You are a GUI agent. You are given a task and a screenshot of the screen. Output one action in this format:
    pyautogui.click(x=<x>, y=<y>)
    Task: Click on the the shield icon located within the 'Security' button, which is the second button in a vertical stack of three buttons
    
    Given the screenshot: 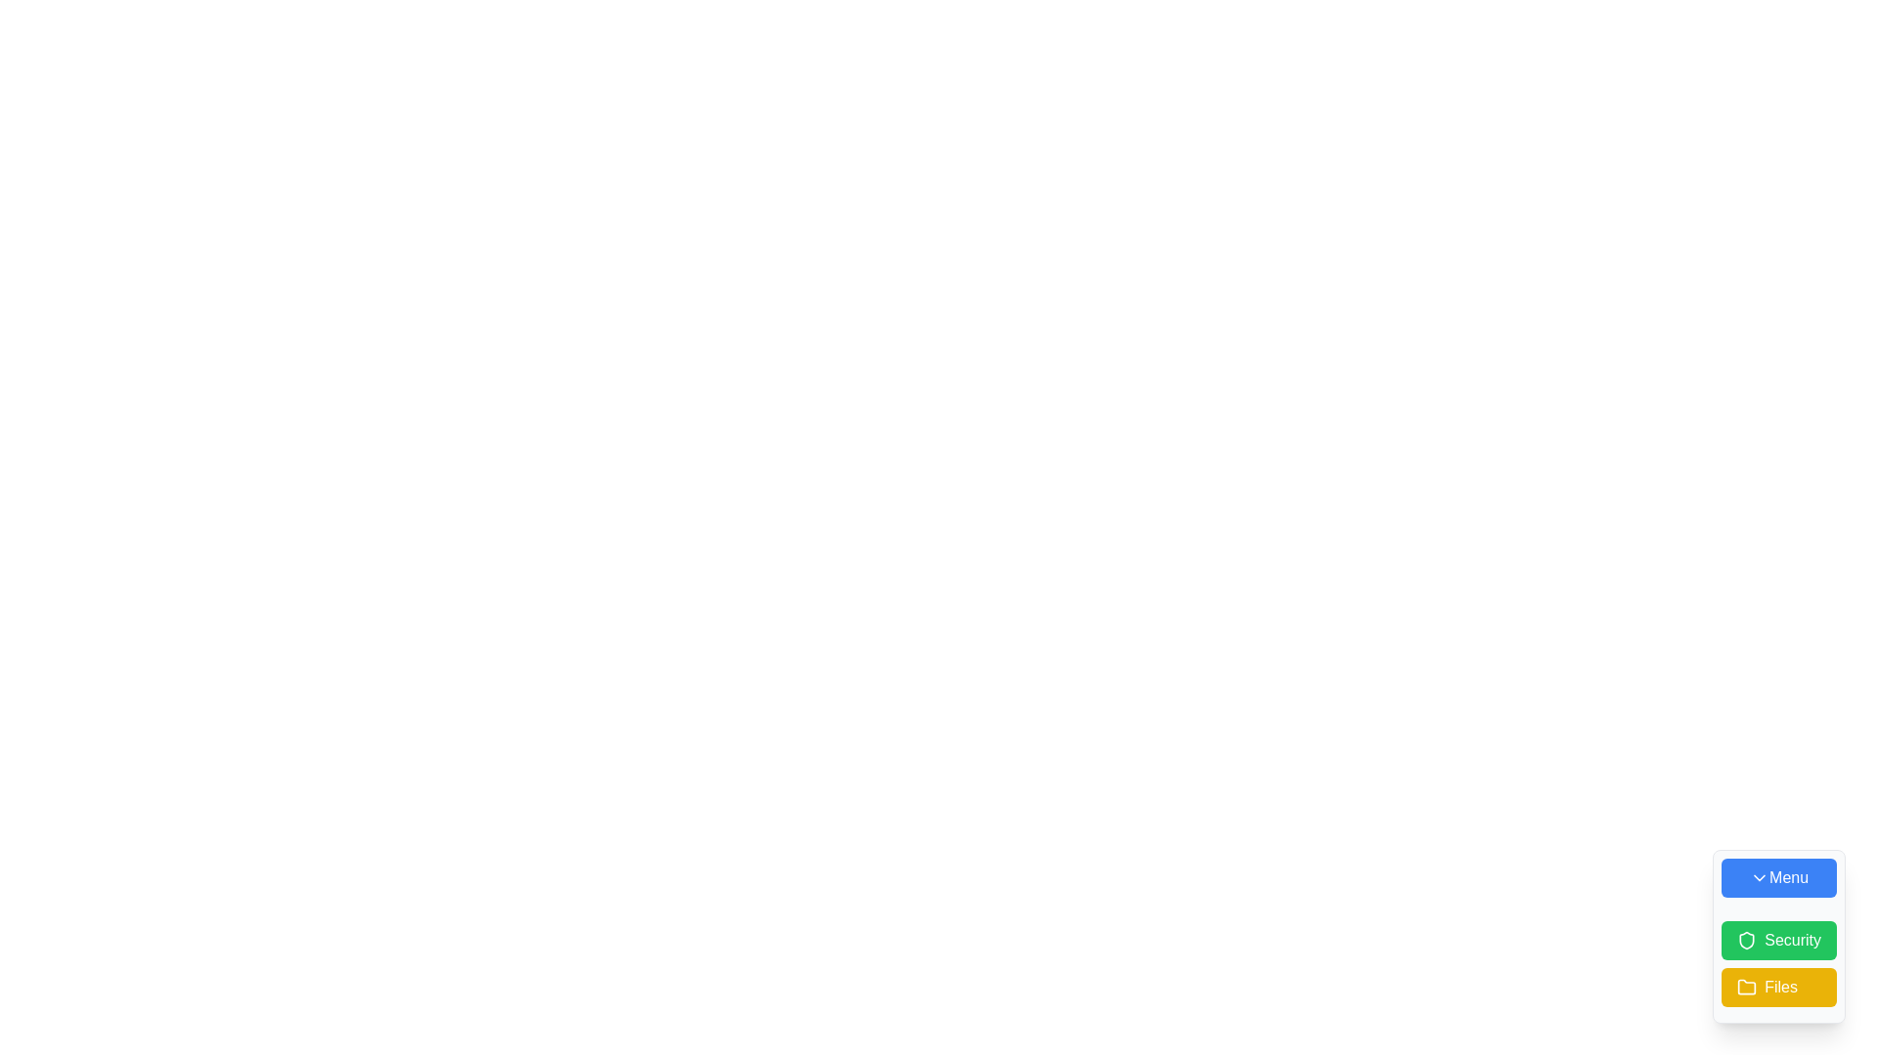 What is the action you would take?
    pyautogui.click(x=1747, y=940)
    